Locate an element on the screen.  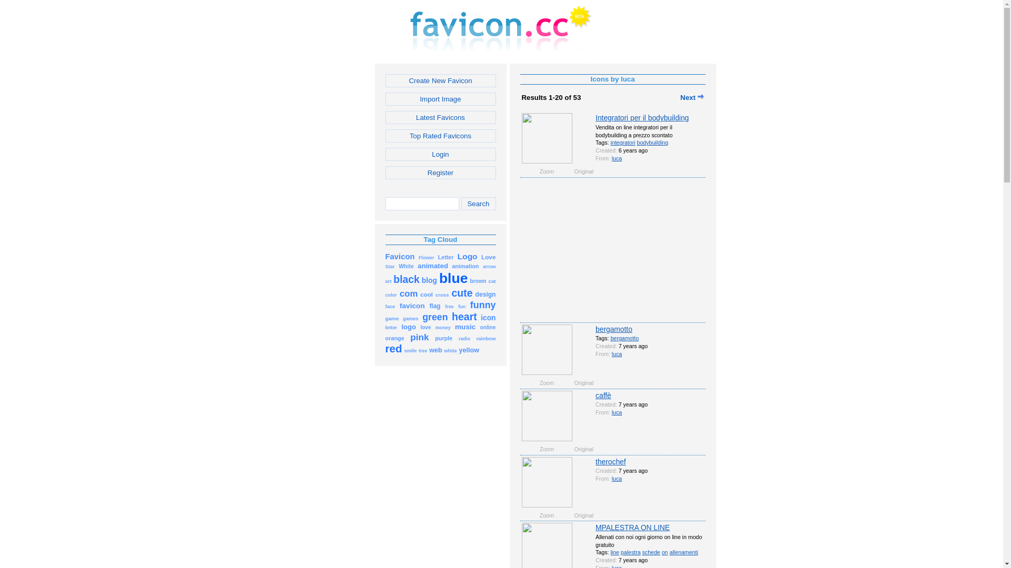
'Latest Favicons' is located at coordinates (440, 117).